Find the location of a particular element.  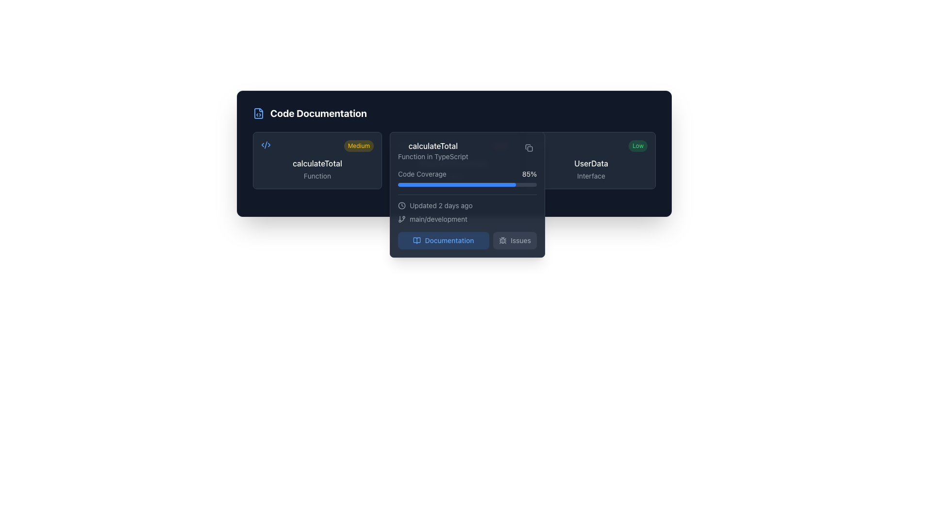

the copy button located in the top-right corner of the card associated with the 'calculateTotal' function to initiate a copy operation is located at coordinates (528, 147).